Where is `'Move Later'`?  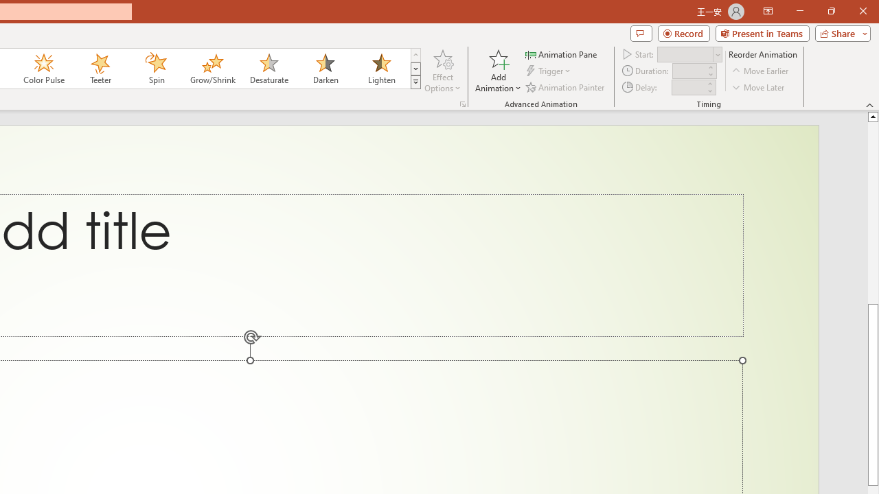
'Move Later' is located at coordinates (758, 87).